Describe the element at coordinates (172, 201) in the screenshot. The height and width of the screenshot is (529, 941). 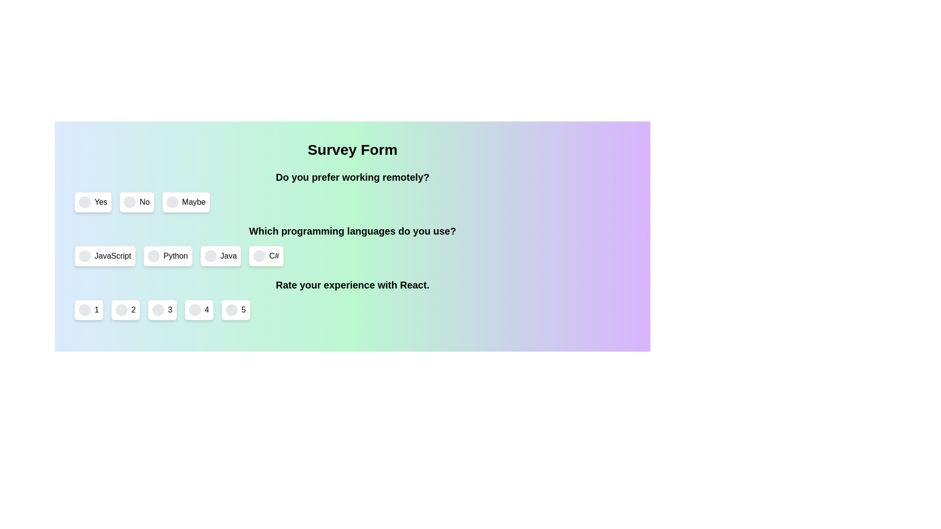
I see `the 'Maybe' radio button which allows users to select this option in the survey` at that location.